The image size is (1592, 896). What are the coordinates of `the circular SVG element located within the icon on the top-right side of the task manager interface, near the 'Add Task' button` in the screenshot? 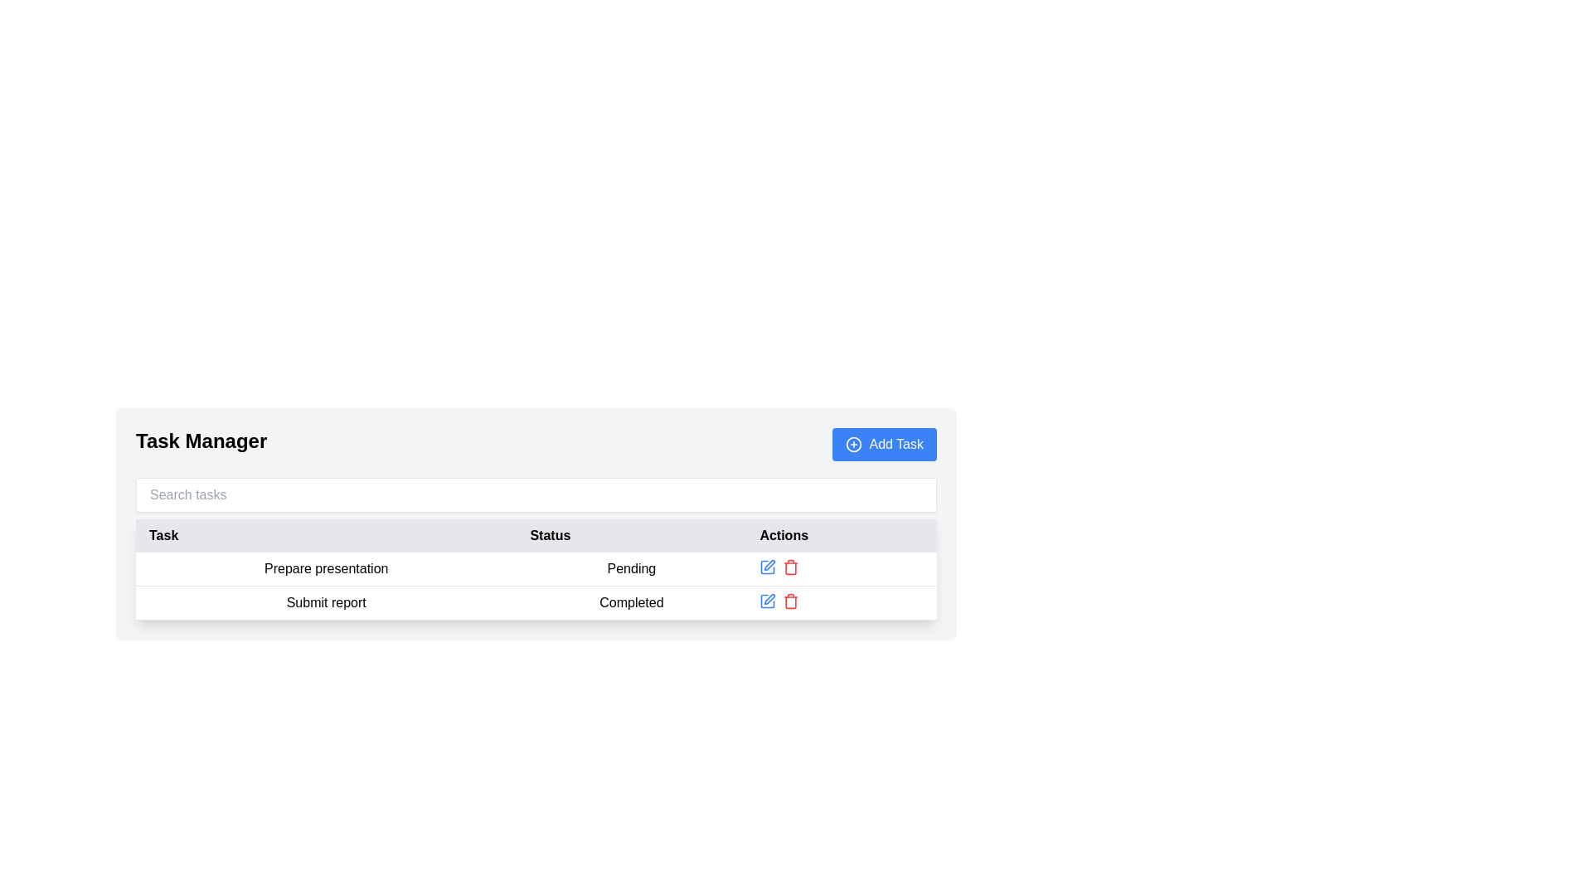 It's located at (854, 444).